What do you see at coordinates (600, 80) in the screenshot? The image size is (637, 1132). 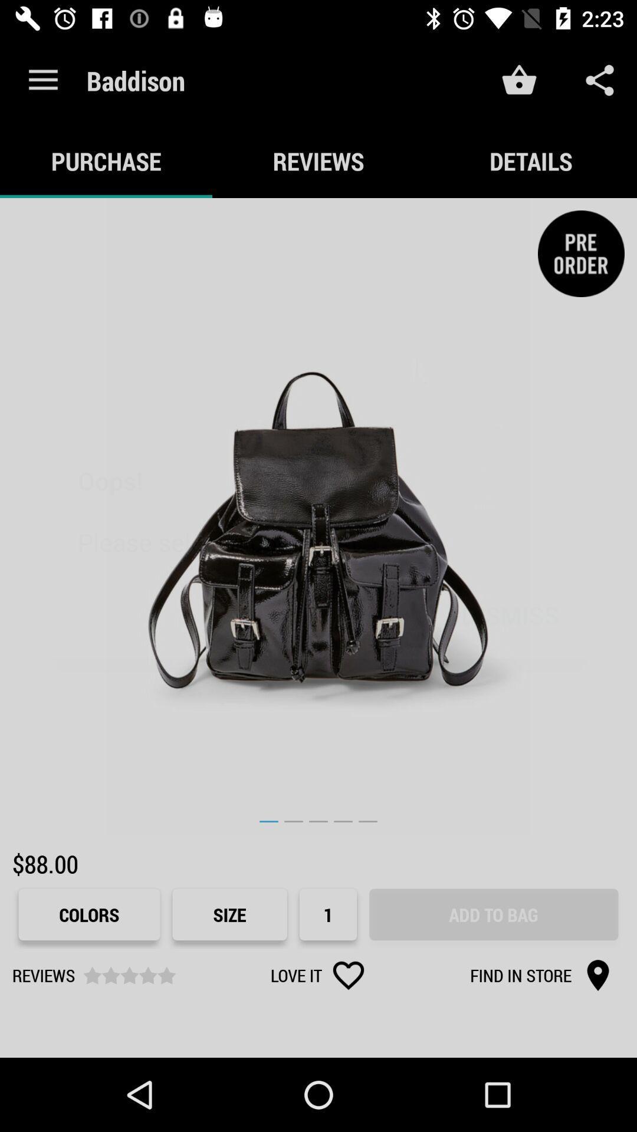 I see `share` at bounding box center [600, 80].